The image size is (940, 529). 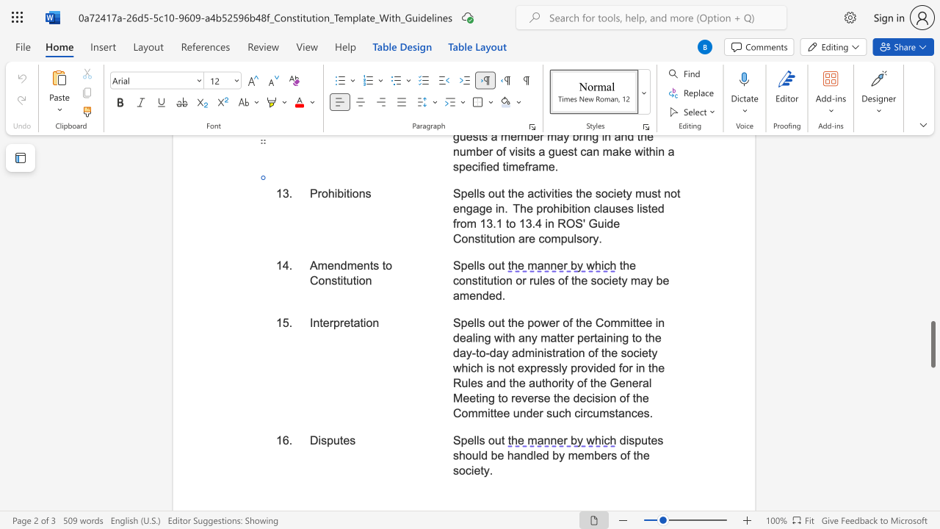 I want to click on the 2th character "r" in the text, so click(x=341, y=322).